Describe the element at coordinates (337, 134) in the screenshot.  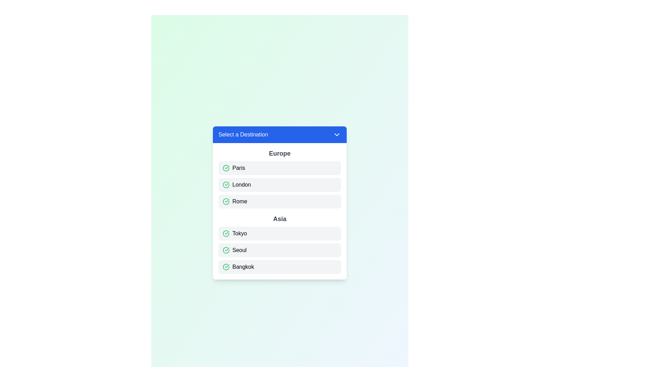
I see `the Dropdown indicator icon located at the far-right end of the blue header section labeled 'Select a Destination'` at that location.